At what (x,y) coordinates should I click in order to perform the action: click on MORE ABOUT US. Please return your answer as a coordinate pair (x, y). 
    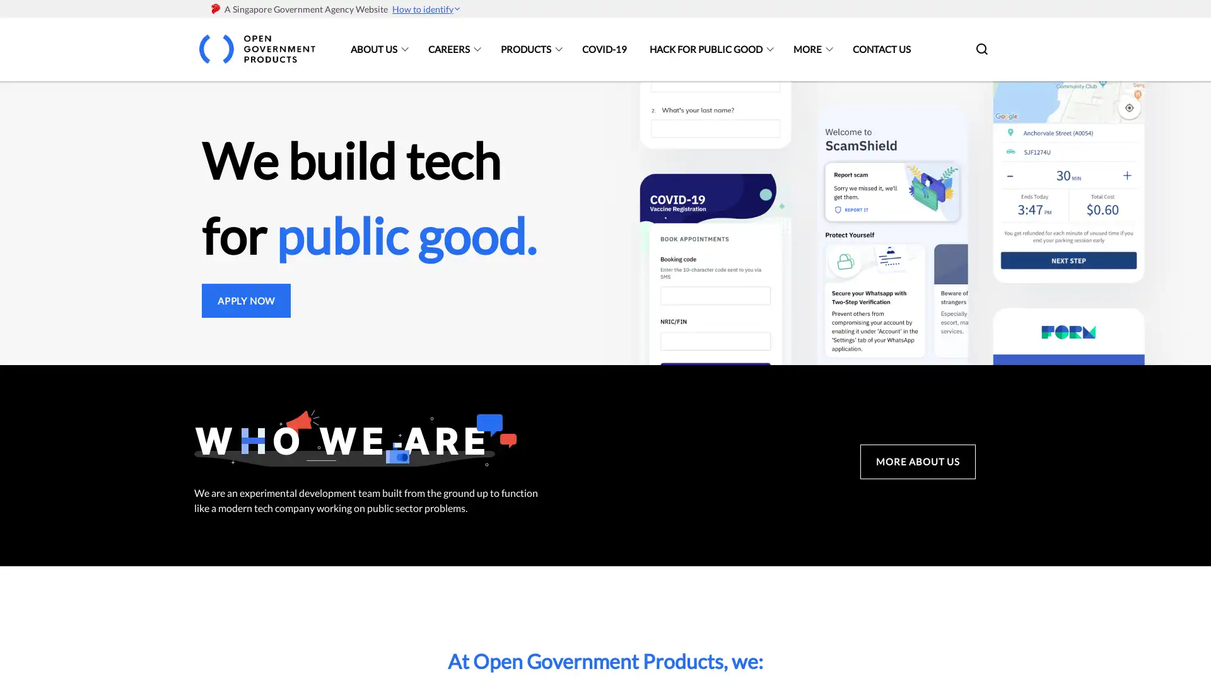
    Looking at the image, I should click on (917, 462).